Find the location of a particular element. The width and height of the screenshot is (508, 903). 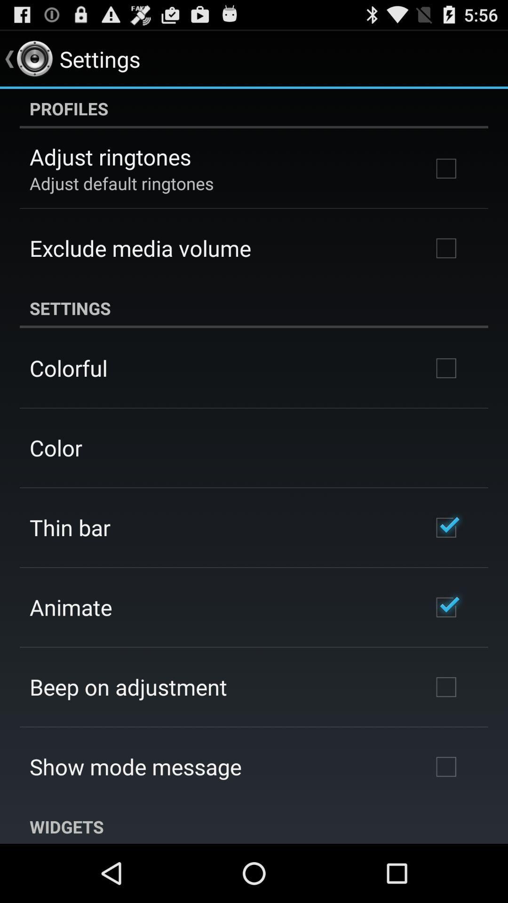

the color app is located at coordinates (56, 447).